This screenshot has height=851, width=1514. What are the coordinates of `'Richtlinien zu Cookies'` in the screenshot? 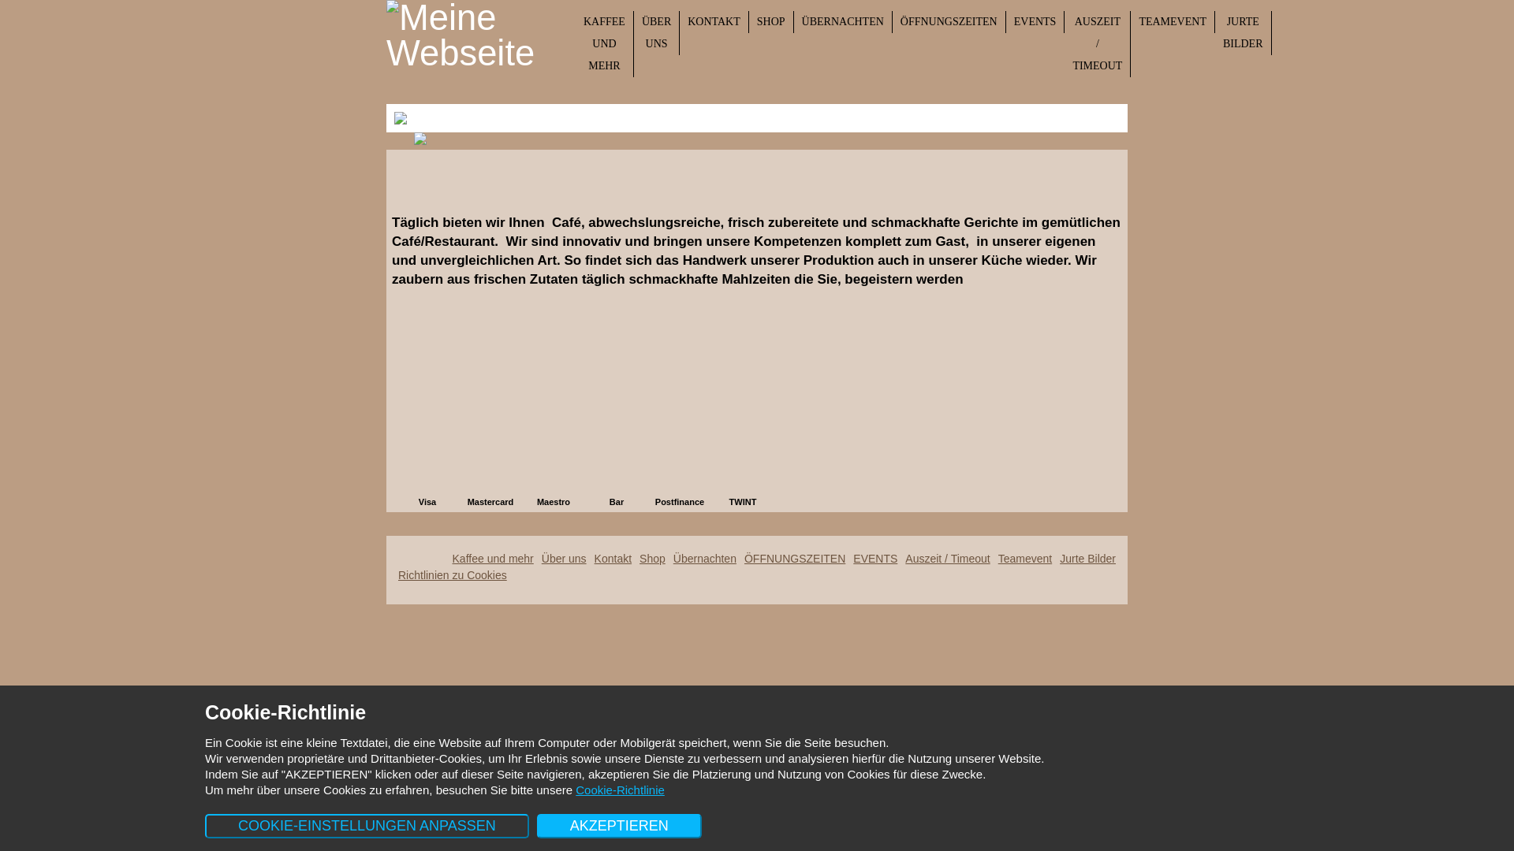 It's located at (452, 574).